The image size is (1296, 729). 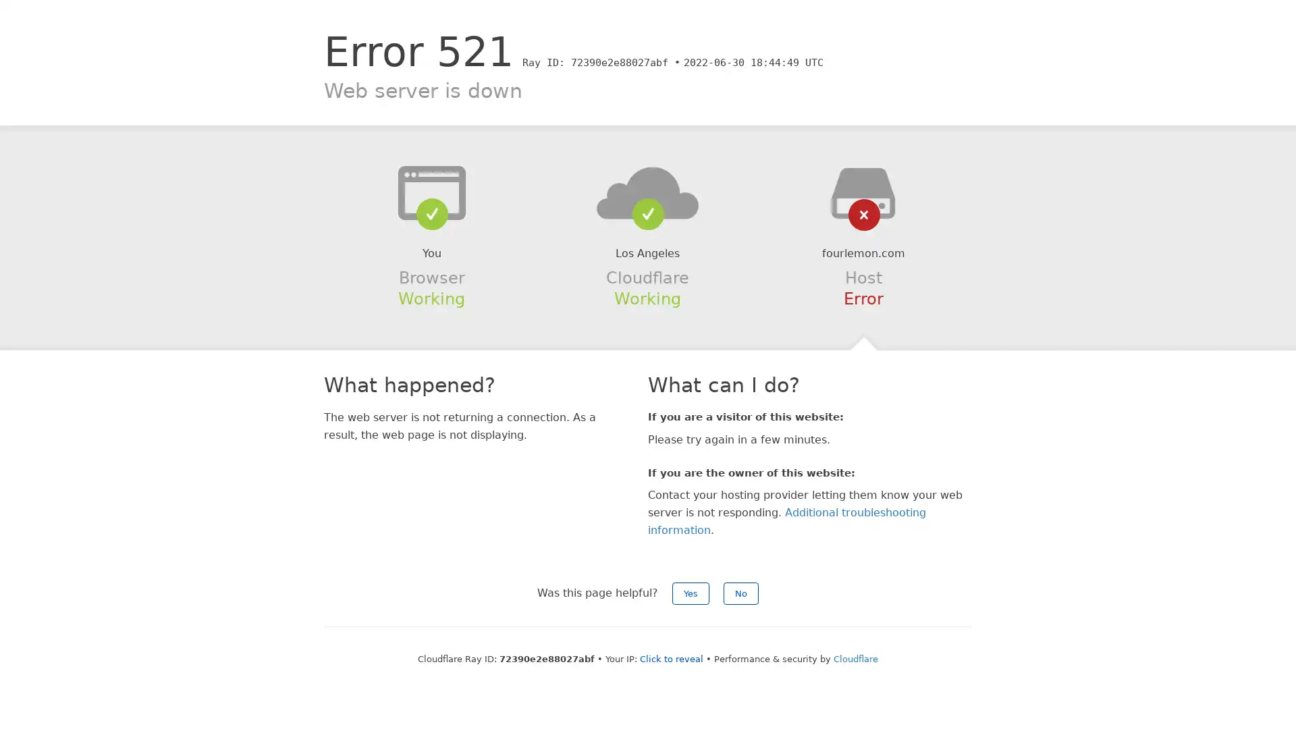 I want to click on Yes, so click(x=691, y=593).